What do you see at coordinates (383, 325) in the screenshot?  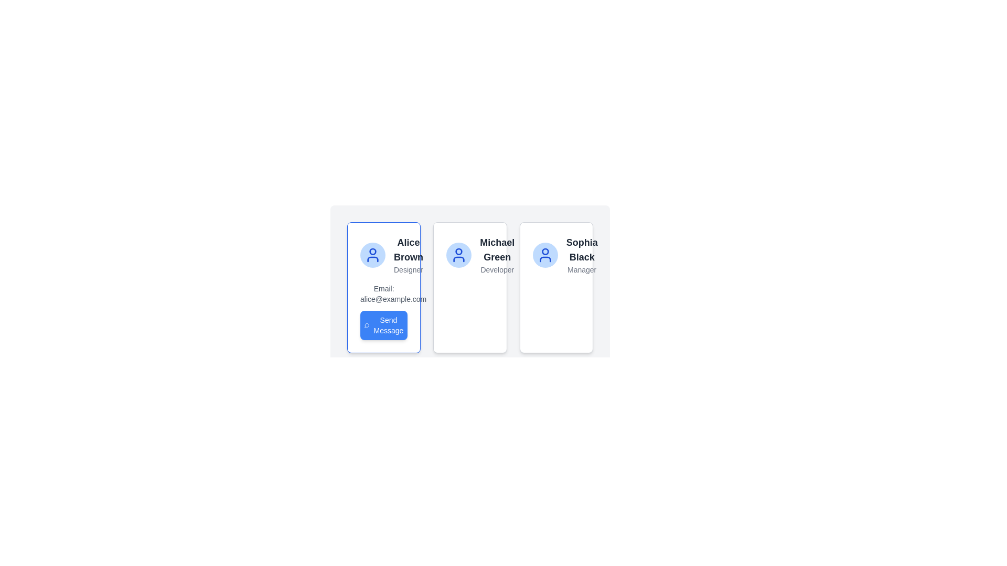 I see `the 'Send Message' button, which is a rectangular button with a blue background and white text, located at the bottom of a card layout beneath the email text` at bounding box center [383, 325].